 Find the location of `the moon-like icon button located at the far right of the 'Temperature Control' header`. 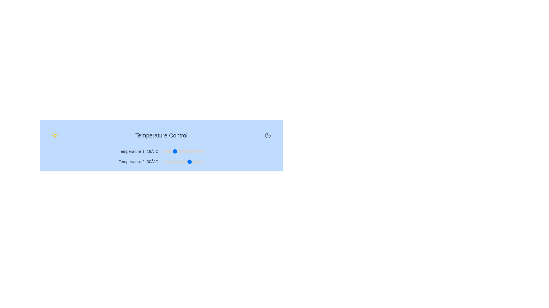

the moon-like icon button located at the far right of the 'Temperature Control' header is located at coordinates (267, 135).